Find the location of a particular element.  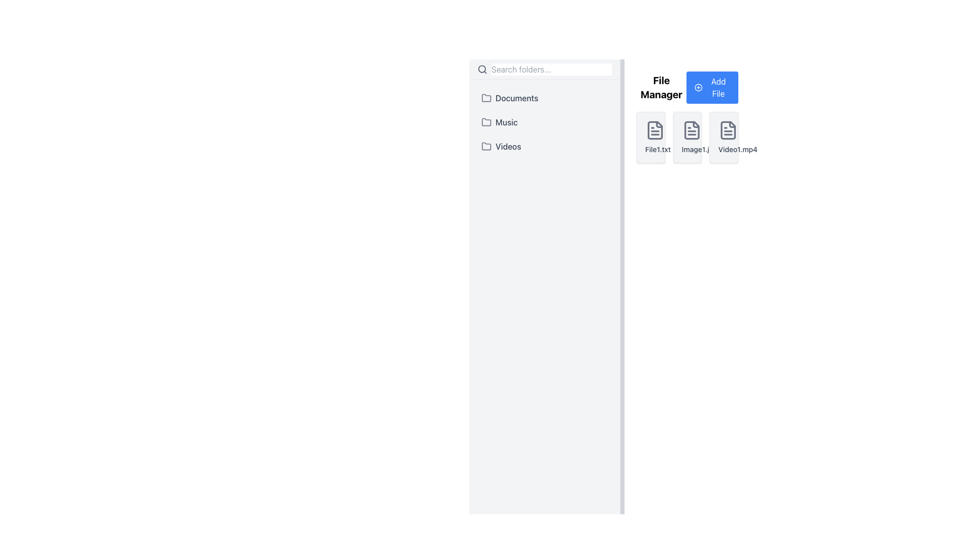

the 'Documents' folder in the sidebar is located at coordinates (544, 98).